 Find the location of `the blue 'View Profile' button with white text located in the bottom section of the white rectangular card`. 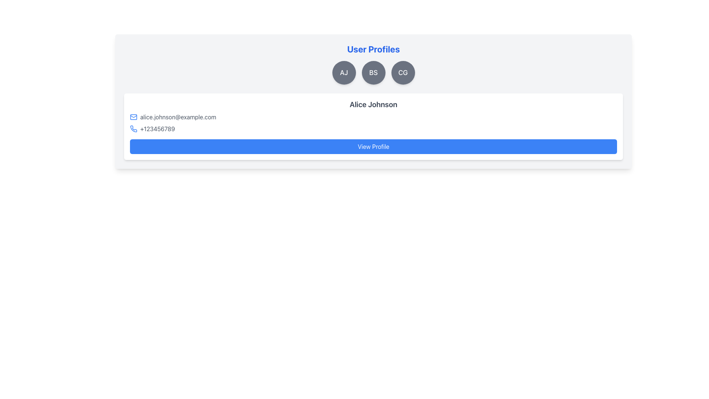

the blue 'View Profile' button with white text located in the bottom section of the white rectangular card is located at coordinates (373, 147).